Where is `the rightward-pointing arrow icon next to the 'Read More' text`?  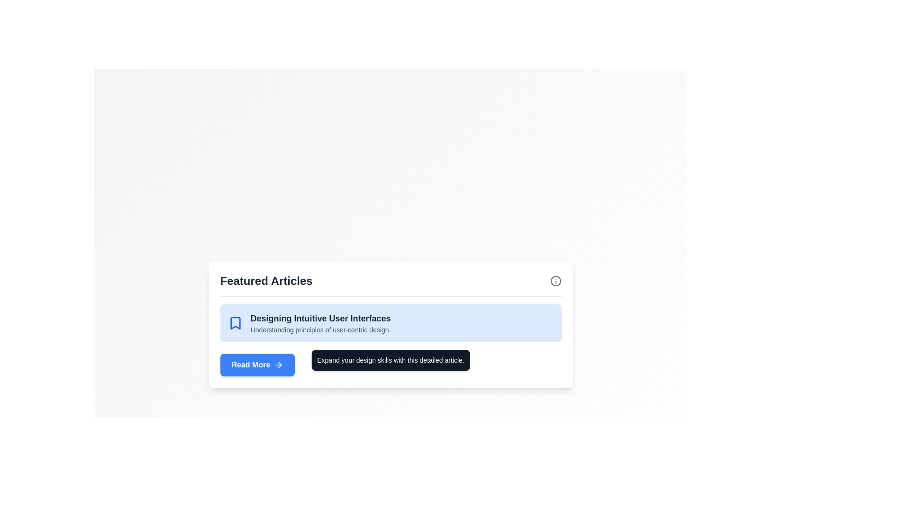
the rightward-pointing arrow icon next to the 'Read More' text is located at coordinates (278, 364).